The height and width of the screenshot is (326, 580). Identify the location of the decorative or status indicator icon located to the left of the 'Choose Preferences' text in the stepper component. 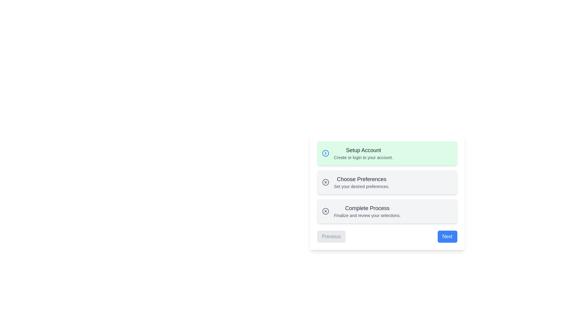
(325, 182).